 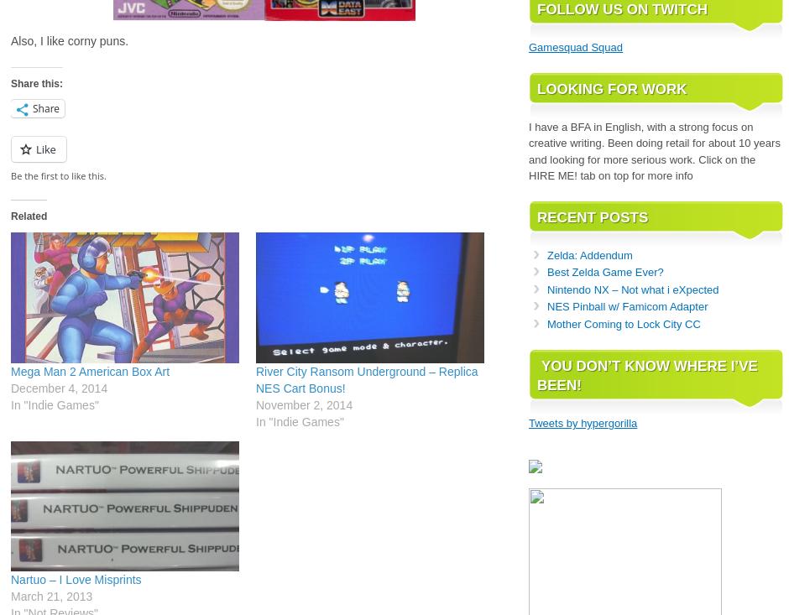 What do you see at coordinates (35, 83) in the screenshot?
I see `'Share this:'` at bounding box center [35, 83].